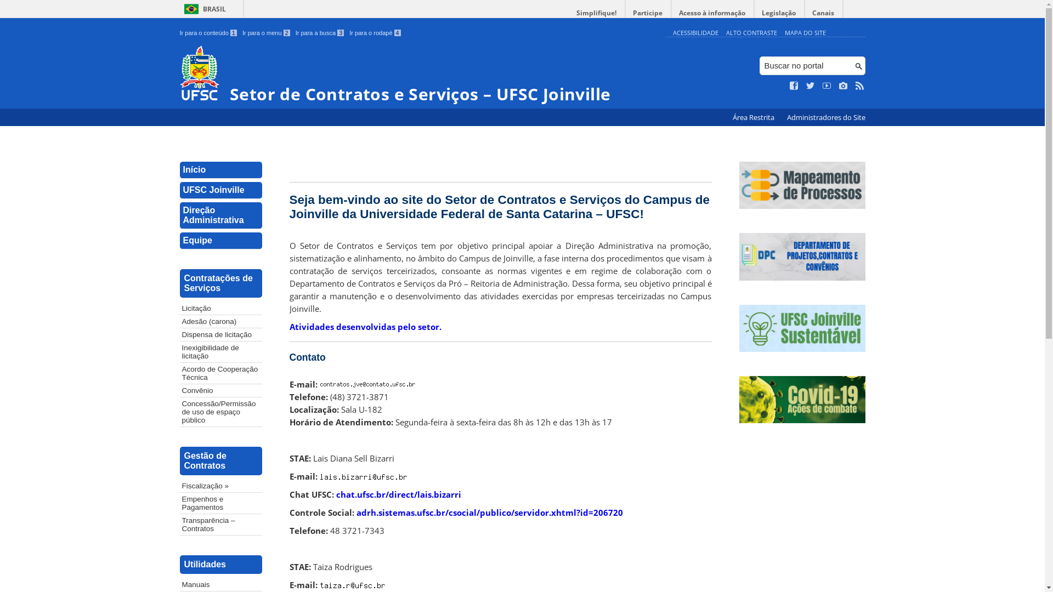  Describe the element at coordinates (824, 13) in the screenshot. I see `'Canais'` at that location.